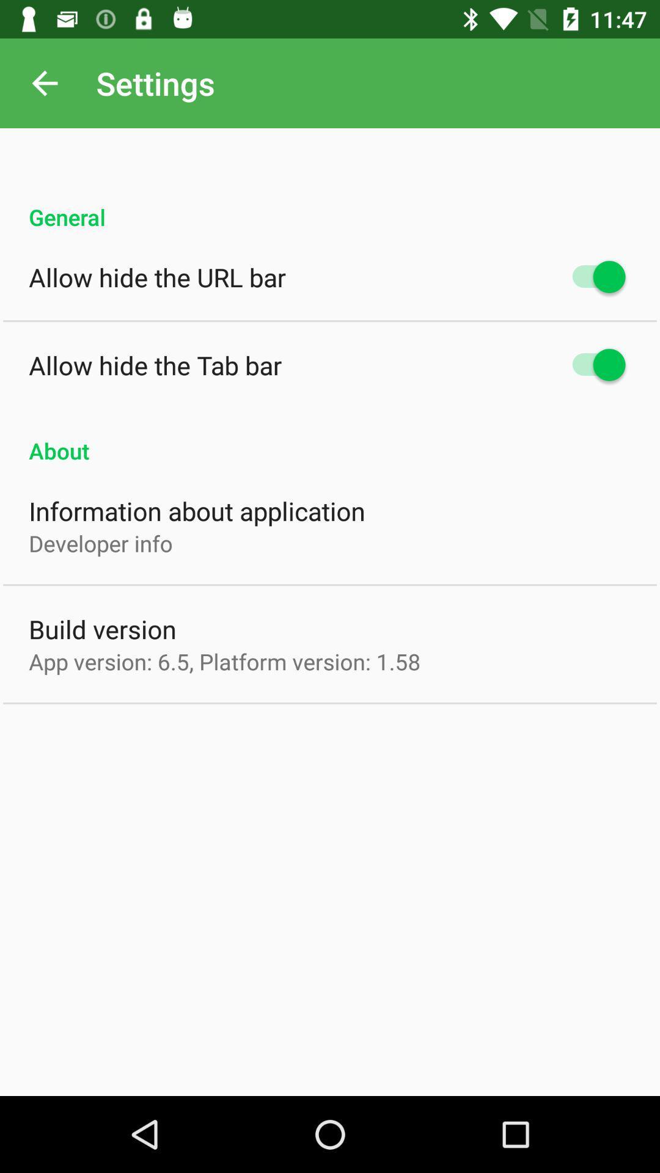 The width and height of the screenshot is (660, 1173). What do you see at coordinates (44, 82) in the screenshot?
I see `the app to the left of the settings app` at bounding box center [44, 82].